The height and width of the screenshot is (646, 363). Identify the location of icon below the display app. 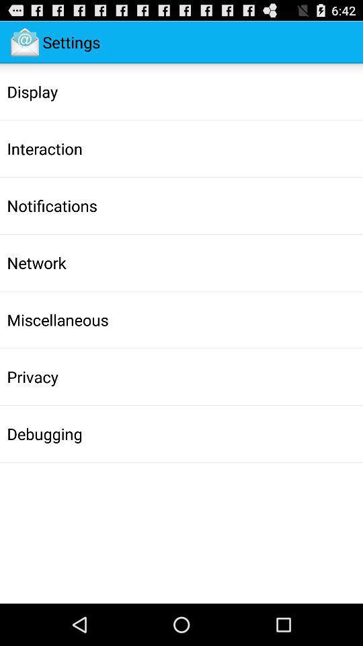
(44, 149).